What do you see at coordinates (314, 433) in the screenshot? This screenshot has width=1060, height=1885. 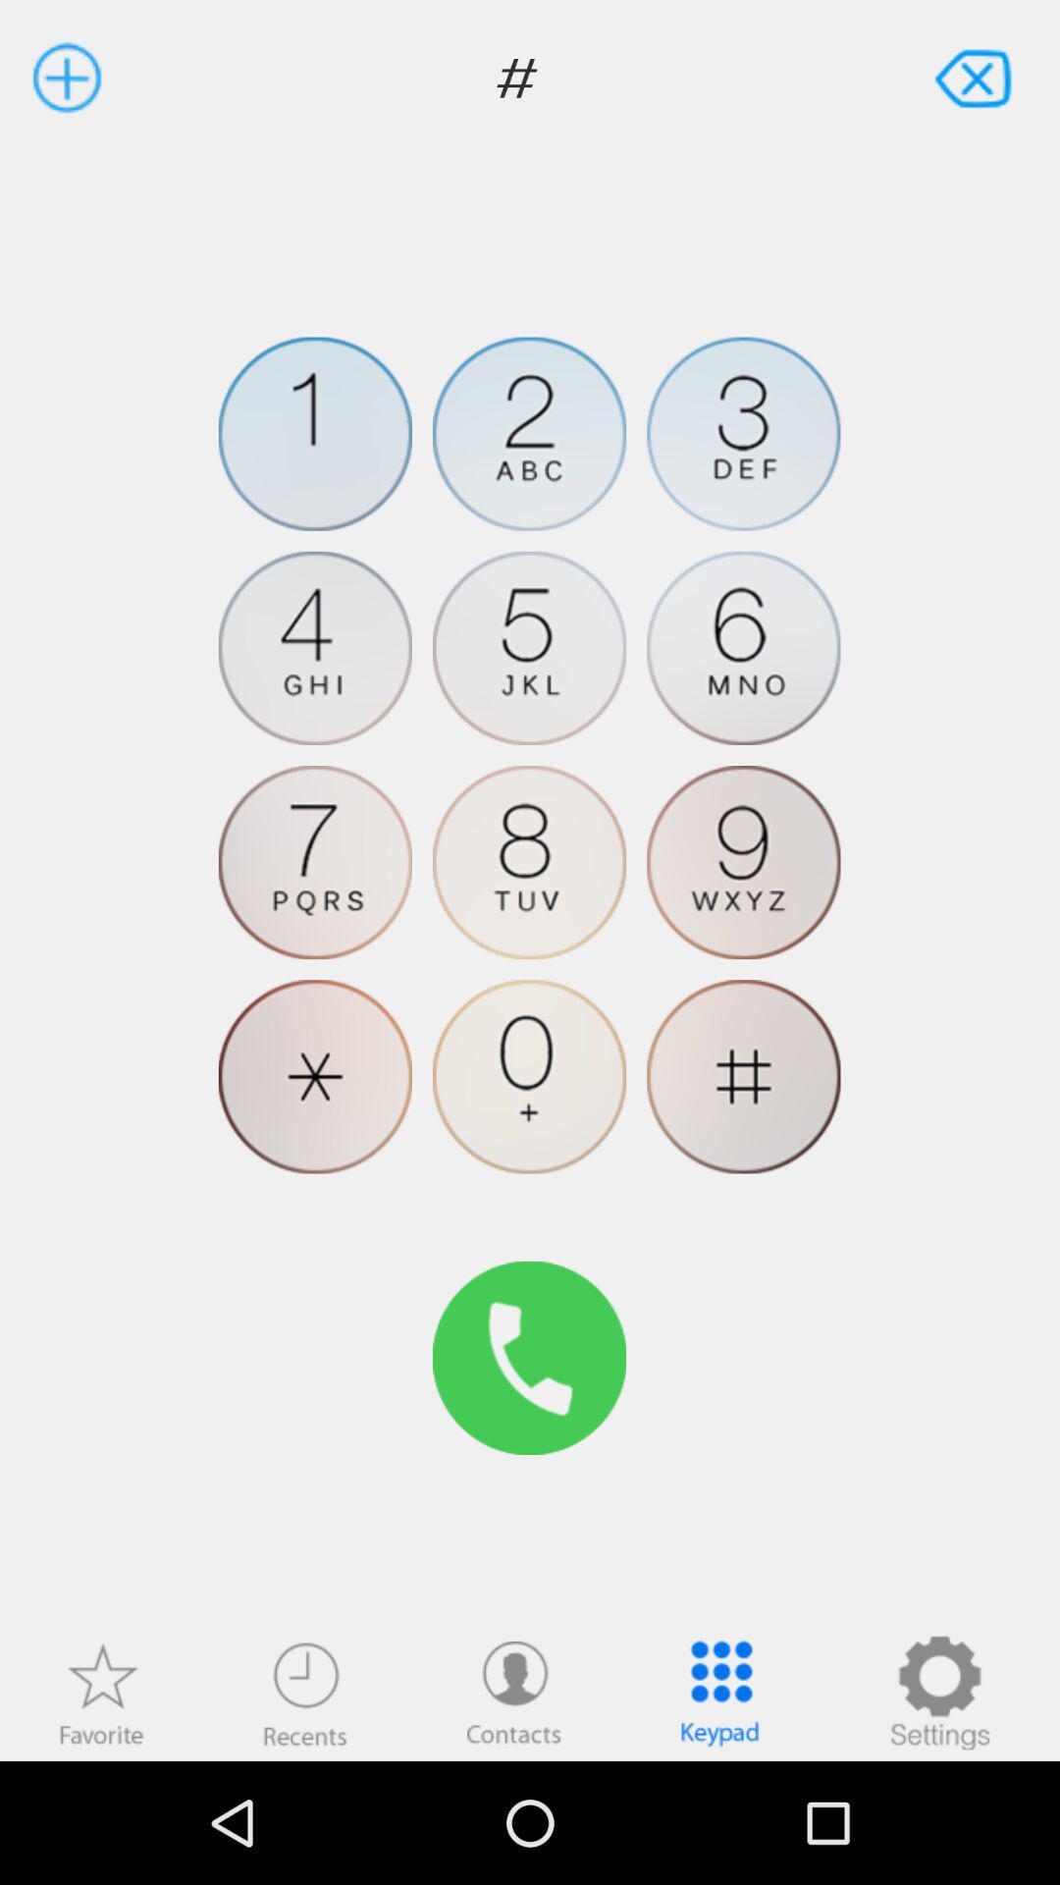 I see `type number 1` at bounding box center [314, 433].